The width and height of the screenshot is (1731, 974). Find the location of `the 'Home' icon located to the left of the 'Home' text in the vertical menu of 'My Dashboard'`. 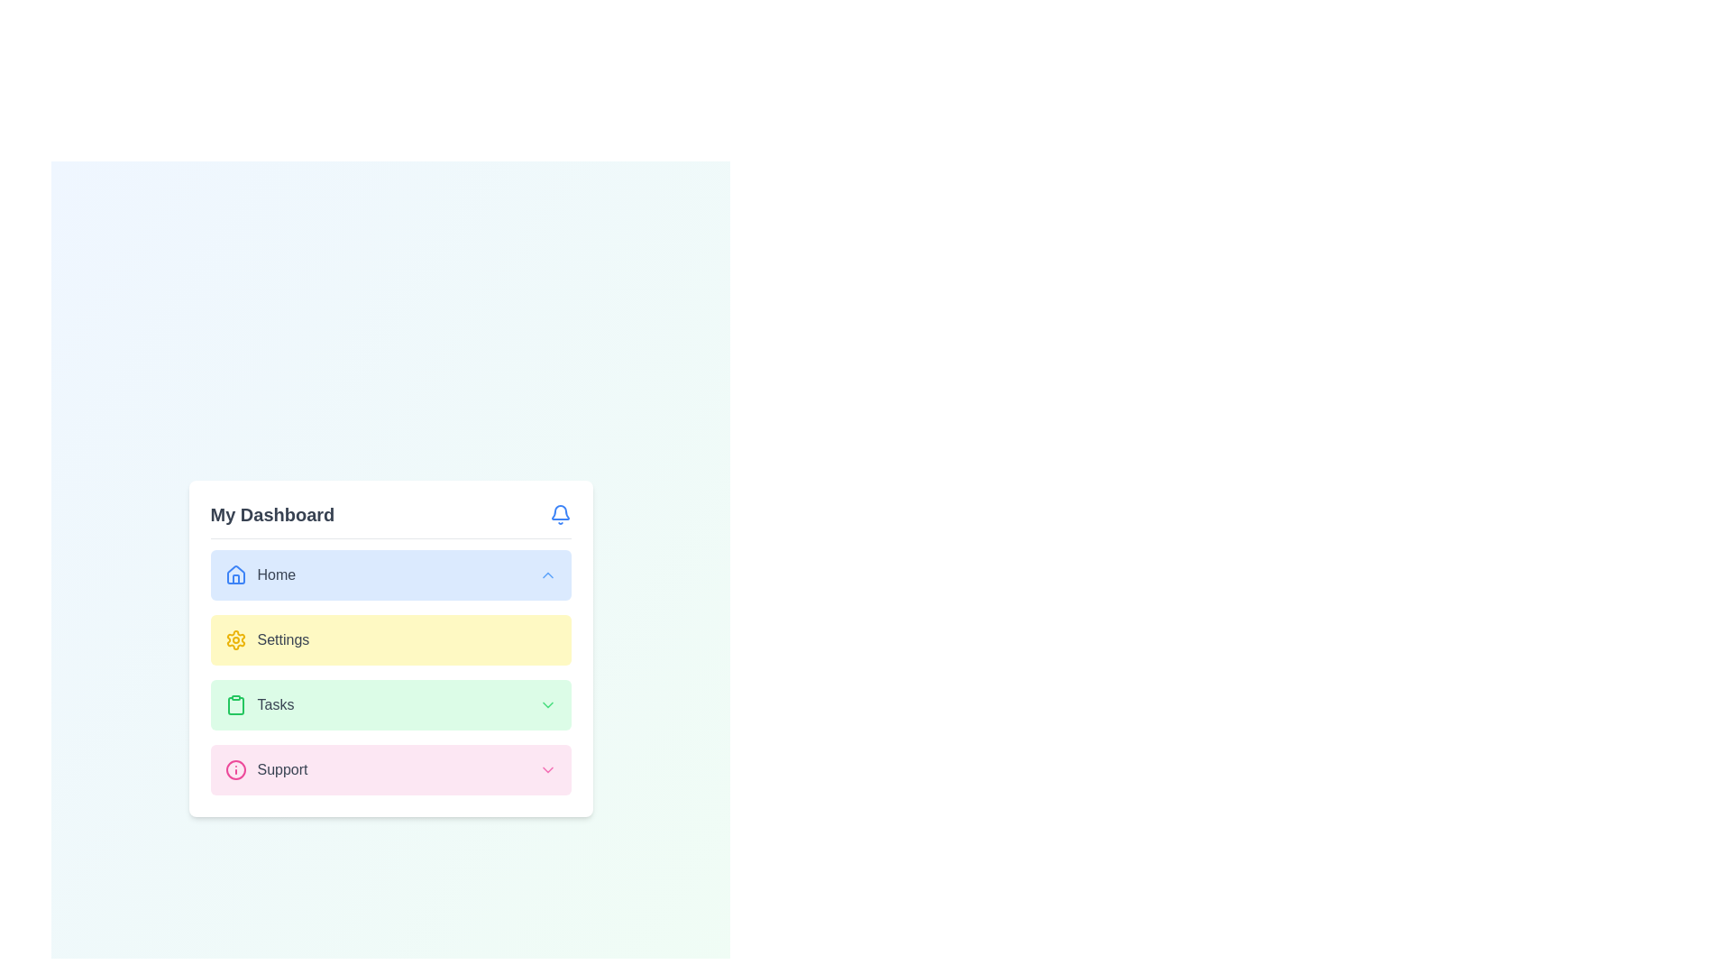

the 'Home' icon located to the left of the 'Home' text in the vertical menu of 'My Dashboard' is located at coordinates (234, 574).